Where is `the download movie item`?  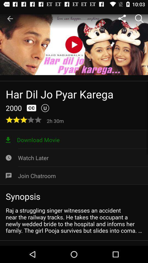
the download movie item is located at coordinates (74, 139).